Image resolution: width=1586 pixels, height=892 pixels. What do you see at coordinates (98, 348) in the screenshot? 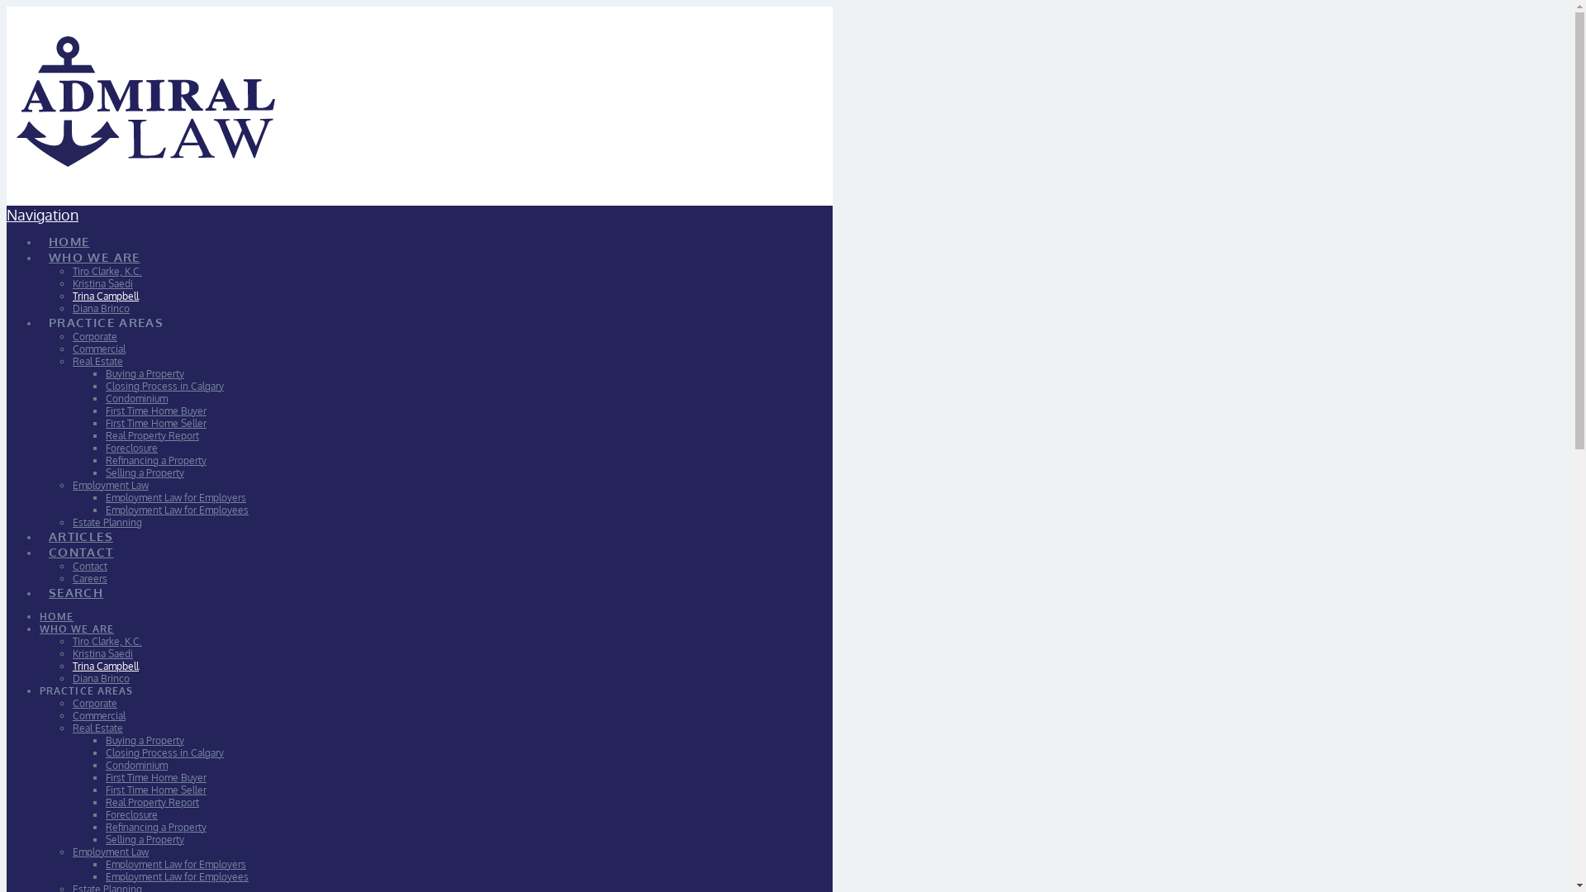
I see `'Commercial'` at bounding box center [98, 348].